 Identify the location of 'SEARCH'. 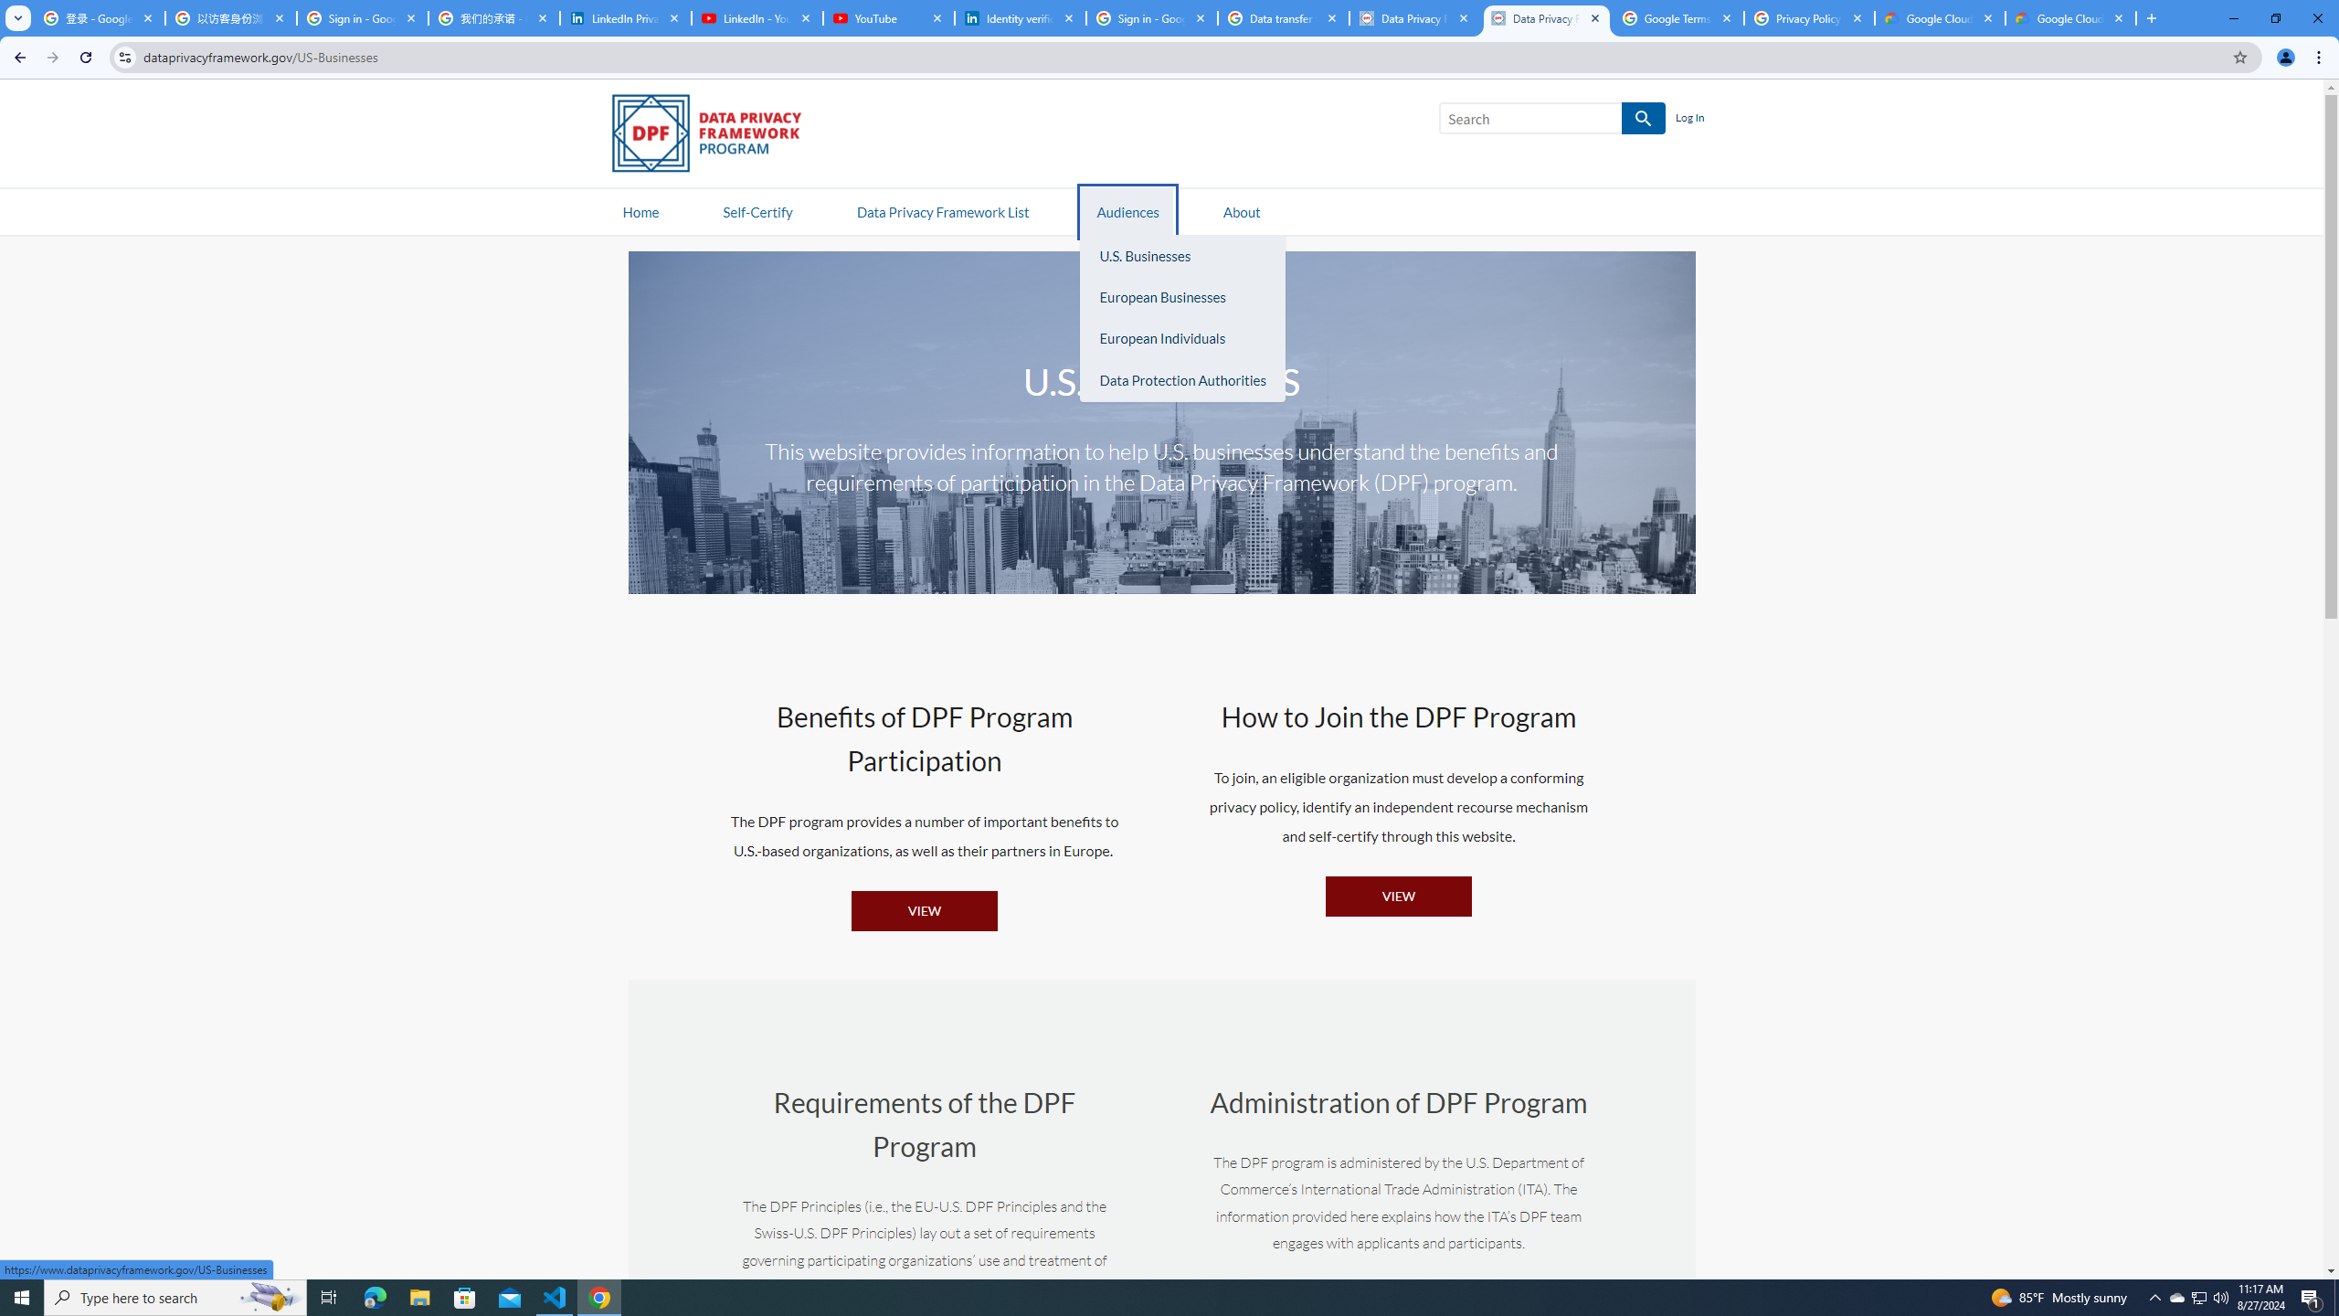
(1642, 119).